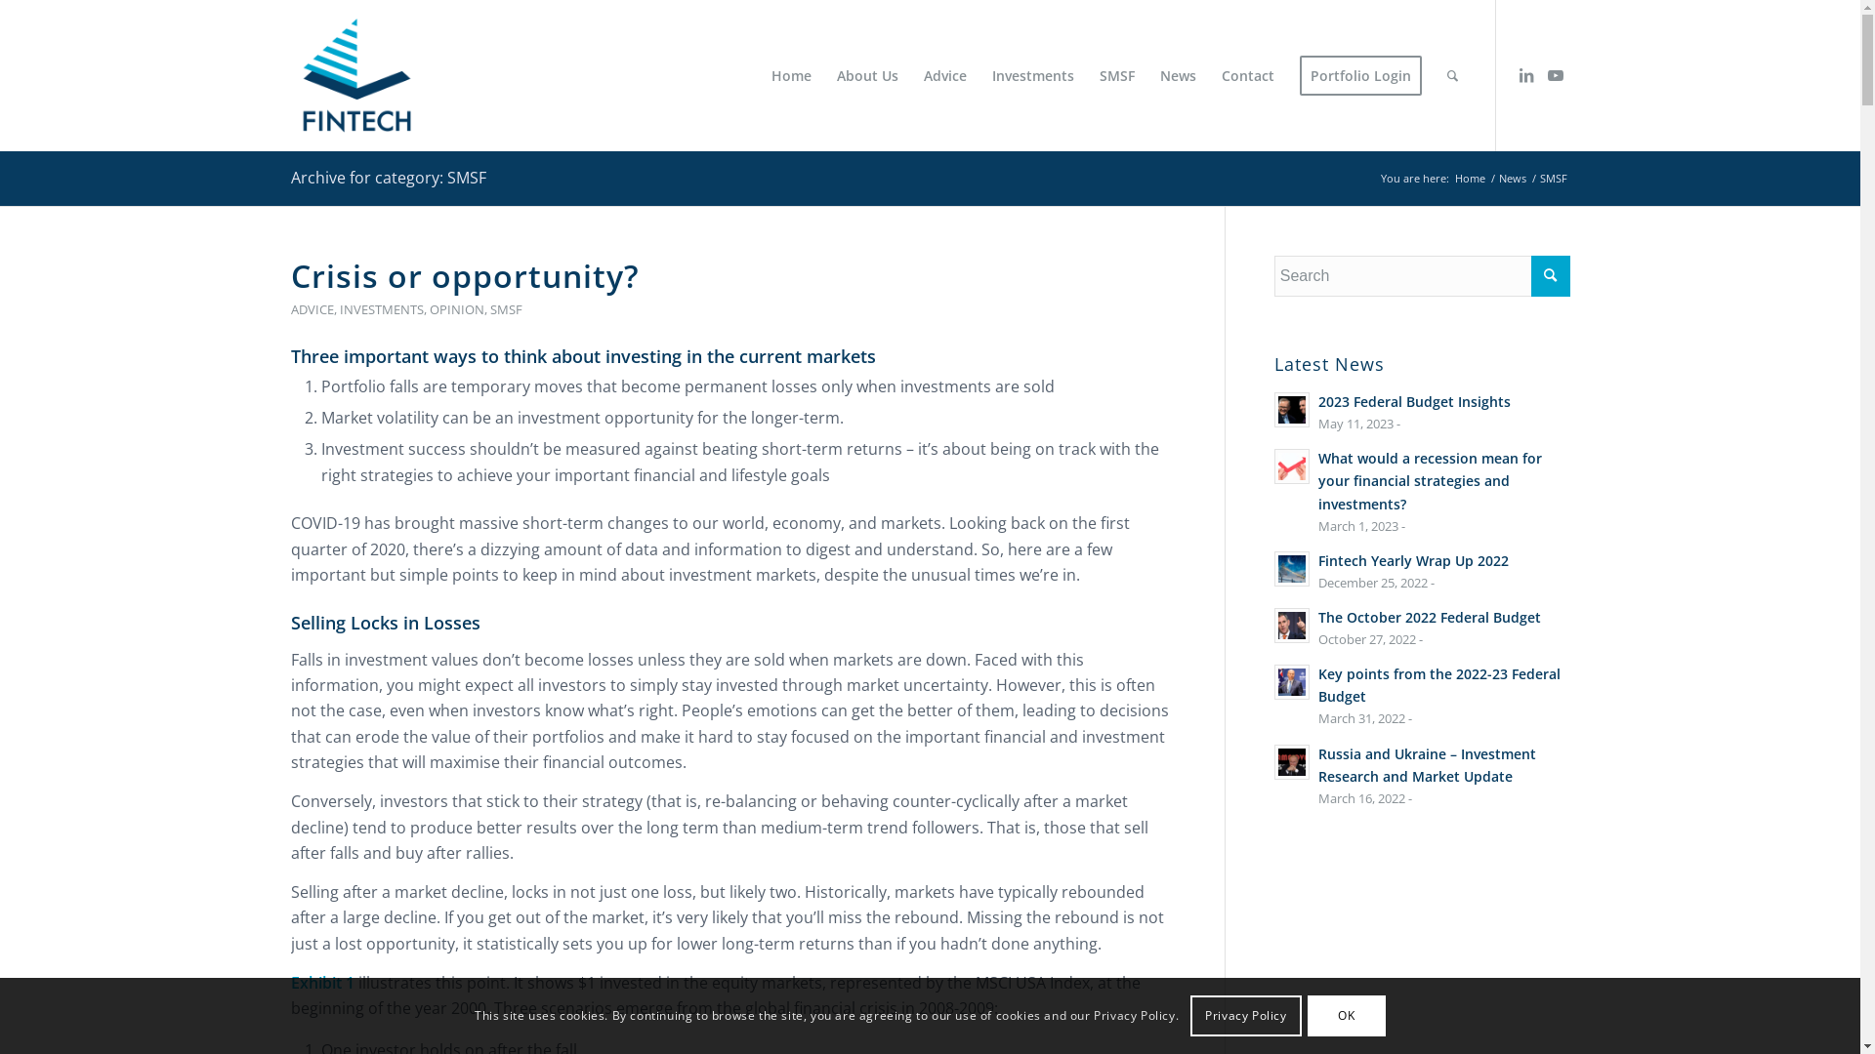 The height and width of the screenshot is (1054, 1875). I want to click on 'SMSF', so click(1115, 74).